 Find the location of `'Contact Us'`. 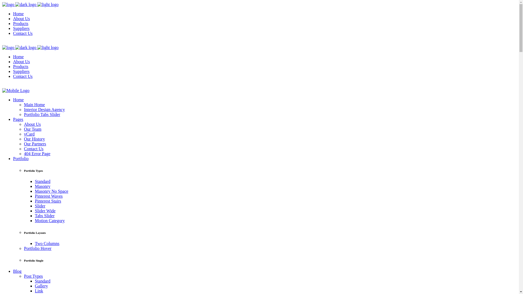

'Contact Us' is located at coordinates (34, 149).